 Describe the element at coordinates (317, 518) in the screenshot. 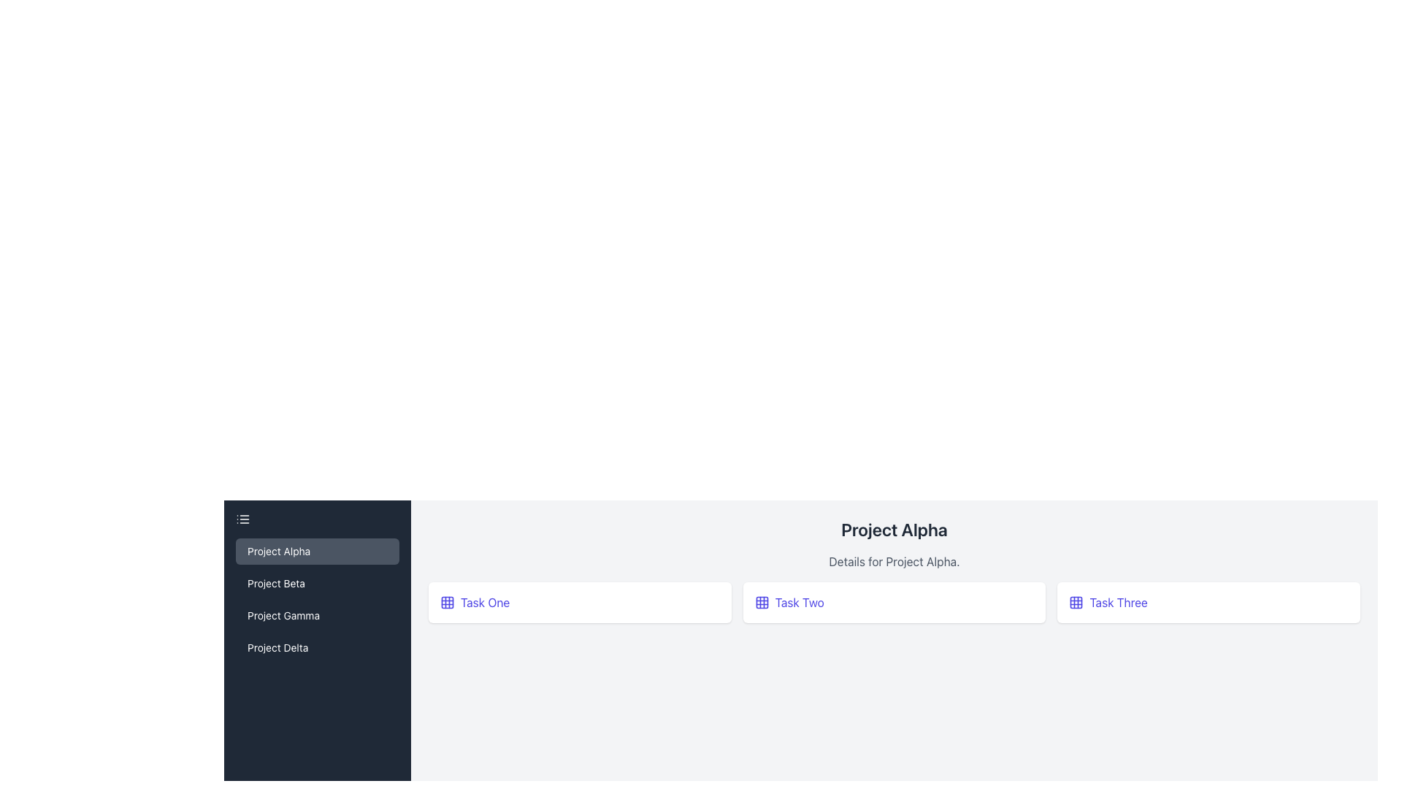

I see `the menu toggler button located at the top of the vertical side menu panel` at that location.